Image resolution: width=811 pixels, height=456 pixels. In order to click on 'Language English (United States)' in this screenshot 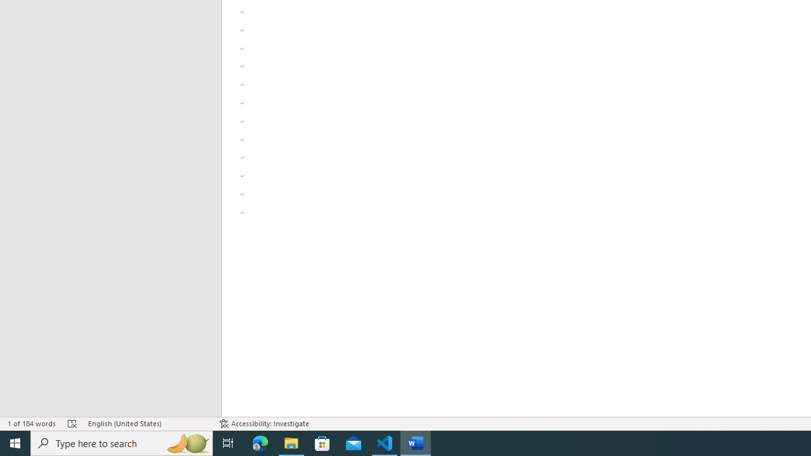, I will do `click(147, 424)`.